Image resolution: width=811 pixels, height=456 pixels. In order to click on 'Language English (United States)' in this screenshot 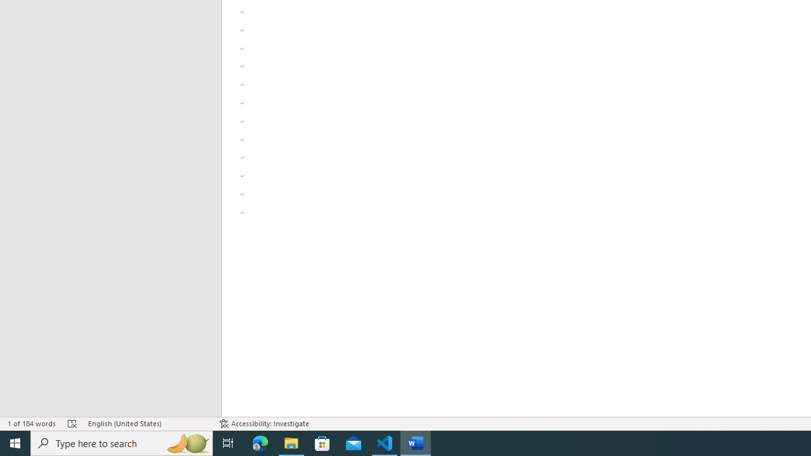, I will do `click(147, 424)`.